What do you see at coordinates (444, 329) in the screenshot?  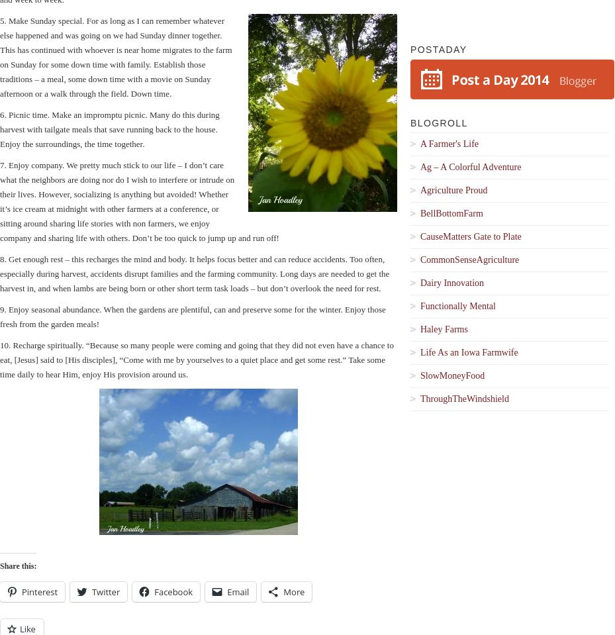 I see `'Haley Farms'` at bounding box center [444, 329].